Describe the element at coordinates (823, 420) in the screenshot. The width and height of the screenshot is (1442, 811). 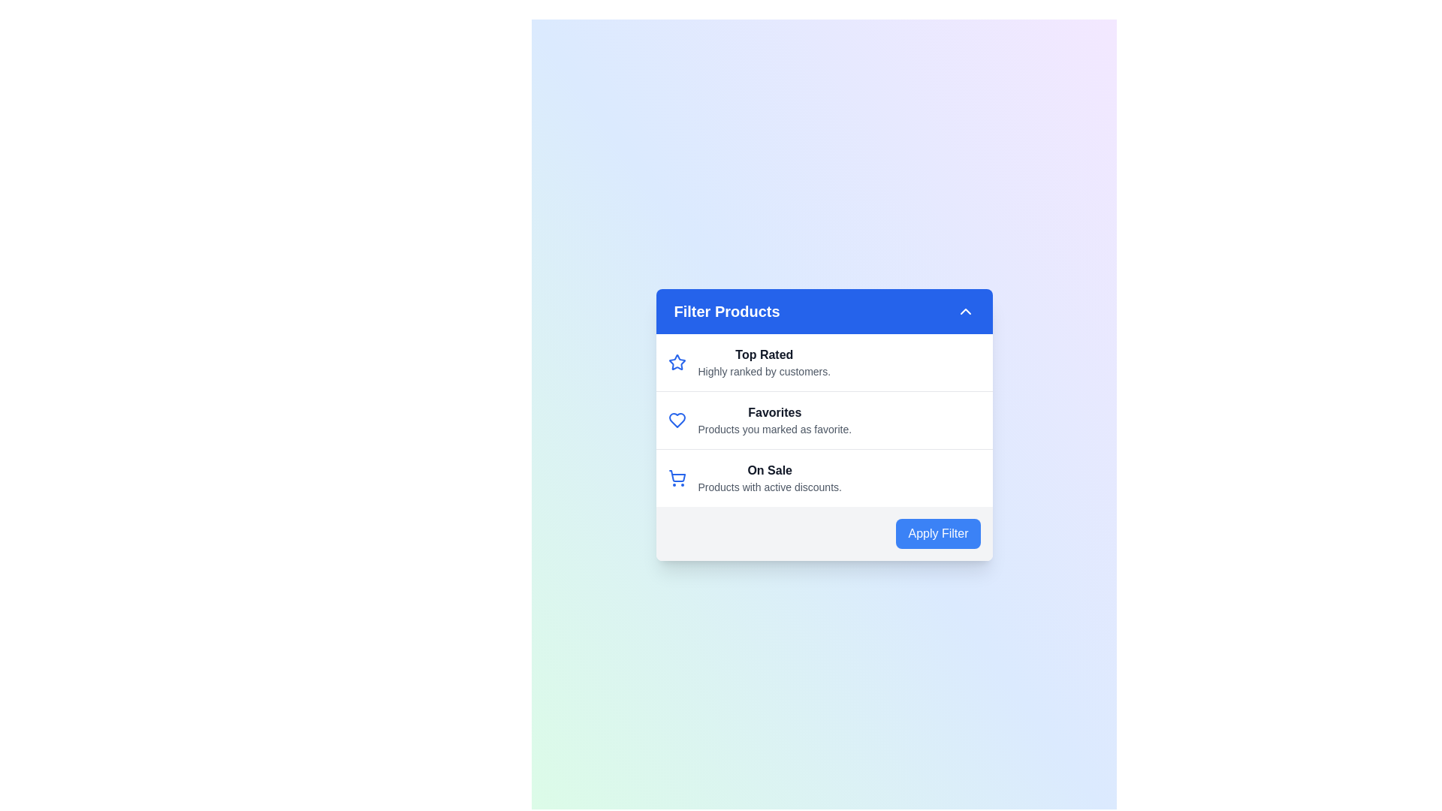
I see `the filter option Favorites by clicking on its corresponding list item` at that location.